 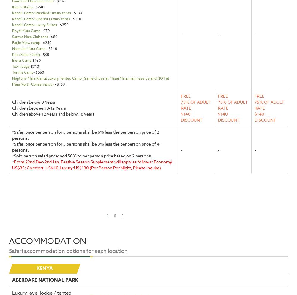 I want to click on '-  $70', so click(x=40, y=30).